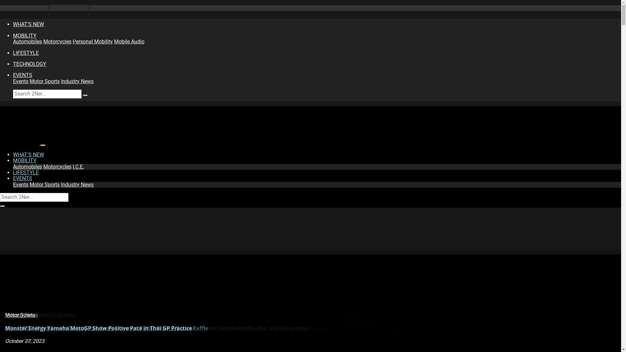 This screenshot has height=352, width=626. I want to click on 'Motor Sports', so click(20, 315).